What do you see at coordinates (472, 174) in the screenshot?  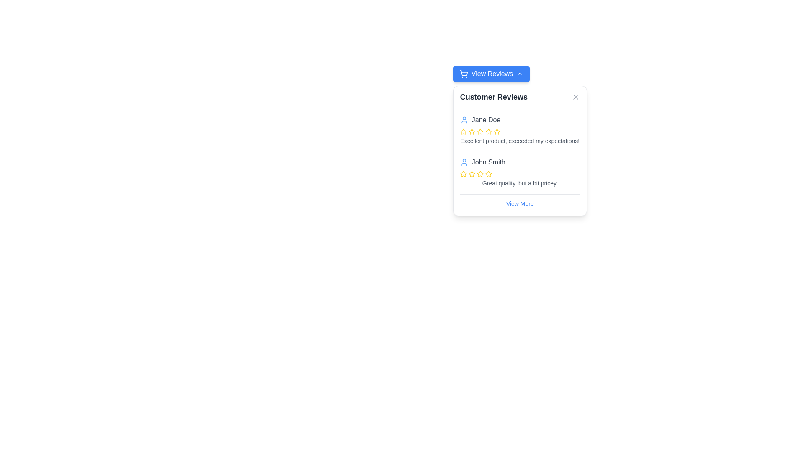 I see `the third yellow star-shaped rating icon in the review section under the name 'John Smith'` at bounding box center [472, 174].